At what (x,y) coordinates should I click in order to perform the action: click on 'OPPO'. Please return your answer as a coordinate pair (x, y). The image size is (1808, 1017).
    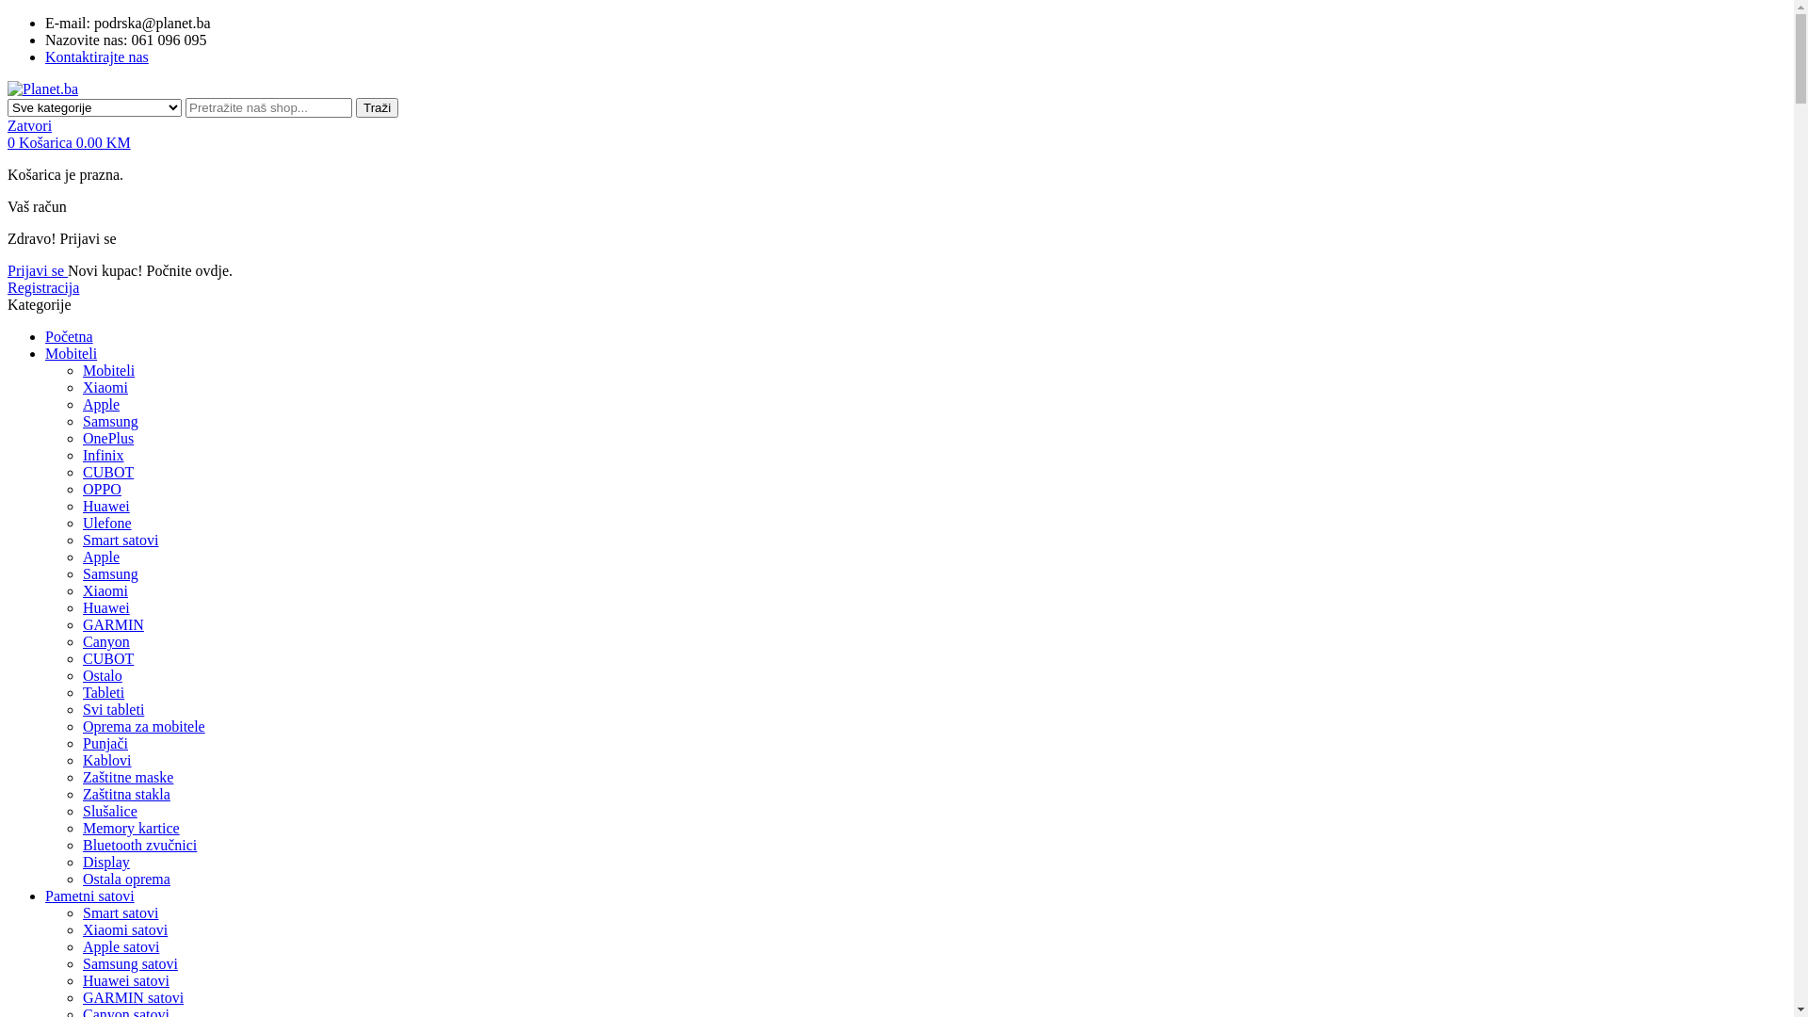
    Looking at the image, I should click on (101, 488).